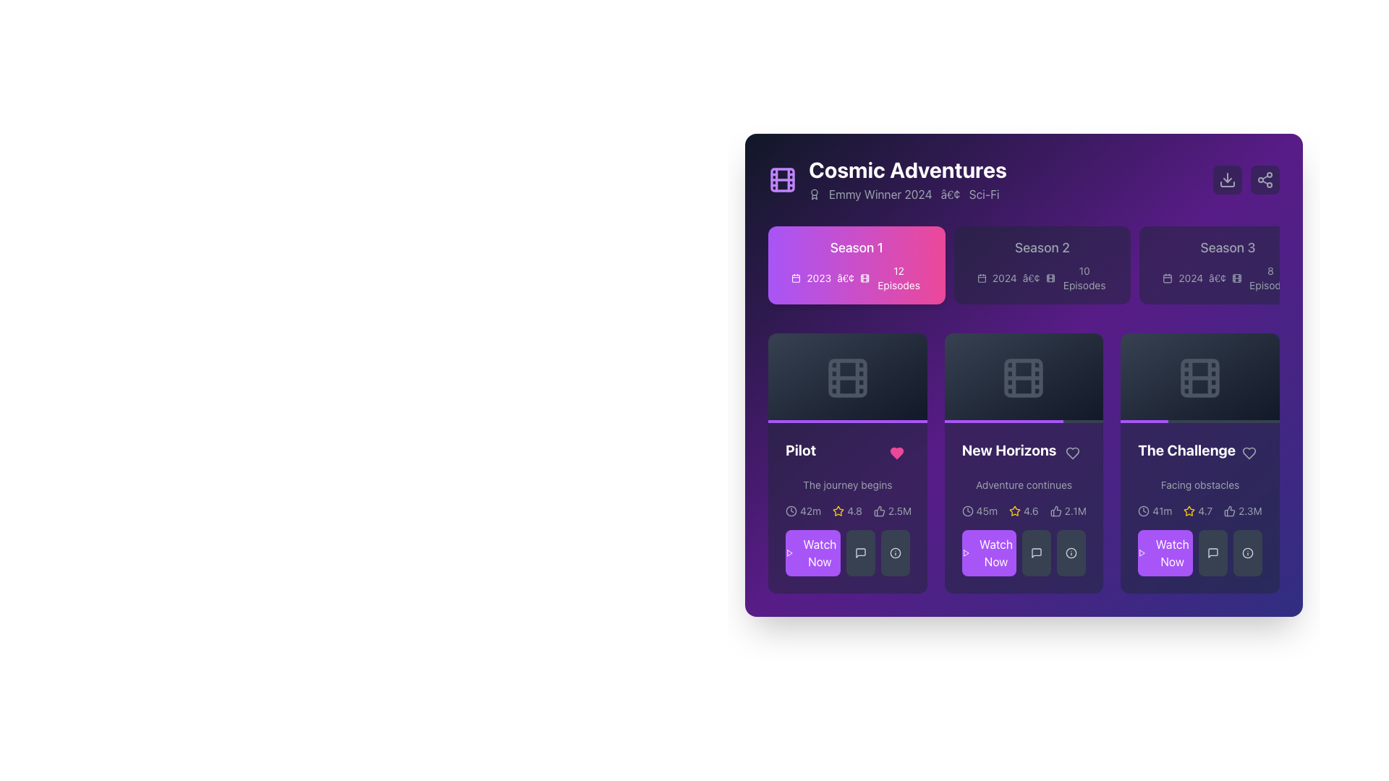 The image size is (1389, 781). I want to click on the text label 'Pilot' which serves as the title for the episode in the 'Cosmic Adventures' section, located under 'Season 1' and above 'The journey begins', so click(800, 449).